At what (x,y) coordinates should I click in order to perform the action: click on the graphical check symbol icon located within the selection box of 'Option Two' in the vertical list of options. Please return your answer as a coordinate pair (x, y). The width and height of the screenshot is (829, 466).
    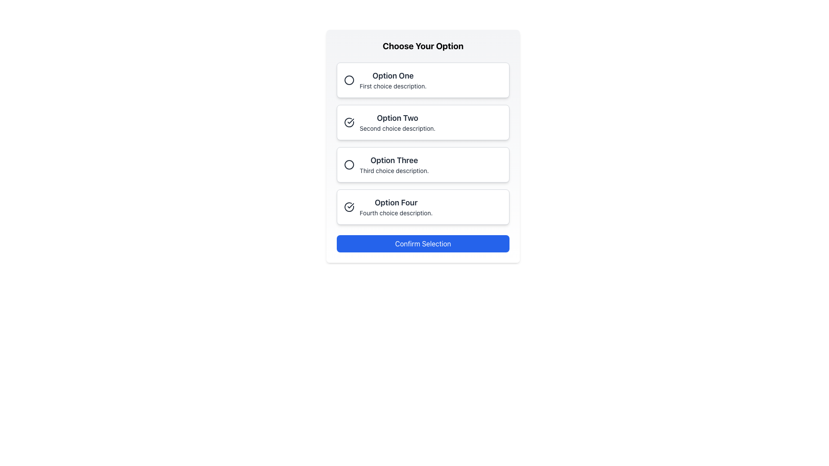
    Looking at the image, I should click on (351, 121).